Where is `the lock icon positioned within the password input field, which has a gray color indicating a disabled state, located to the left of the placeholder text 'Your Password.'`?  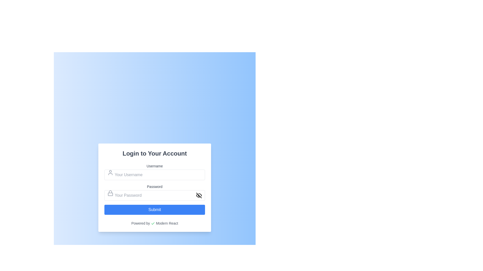
the lock icon positioned within the password input field, which has a gray color indicating a disabled state, located to the left of the placeholder text 'Your Password.' is located at coordinates (110, 193).